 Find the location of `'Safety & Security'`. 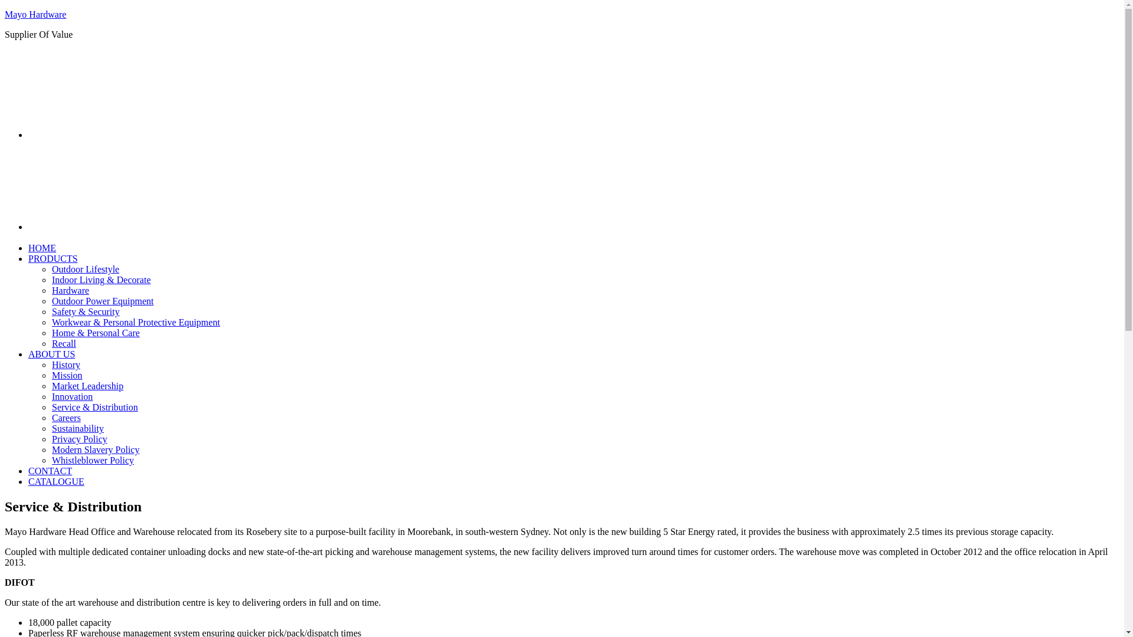

'Safety & Security' is located at coordinates (85, 311).